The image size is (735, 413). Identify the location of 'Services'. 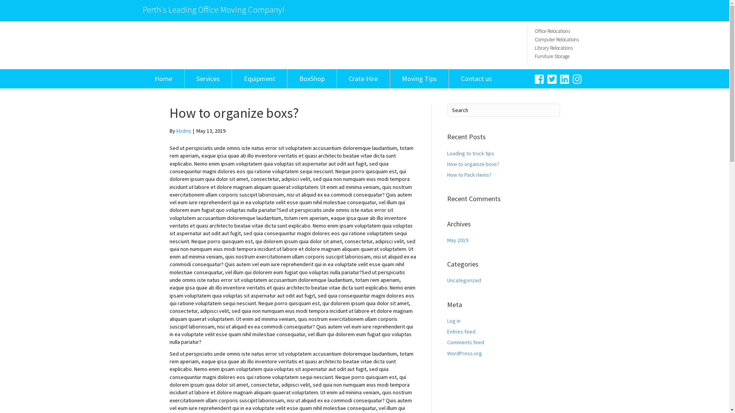
(208, 78).